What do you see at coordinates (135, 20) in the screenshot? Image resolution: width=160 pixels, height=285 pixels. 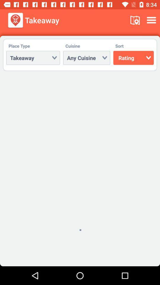 I see `the icon next to takeaway` at bounding box center [135, 20].